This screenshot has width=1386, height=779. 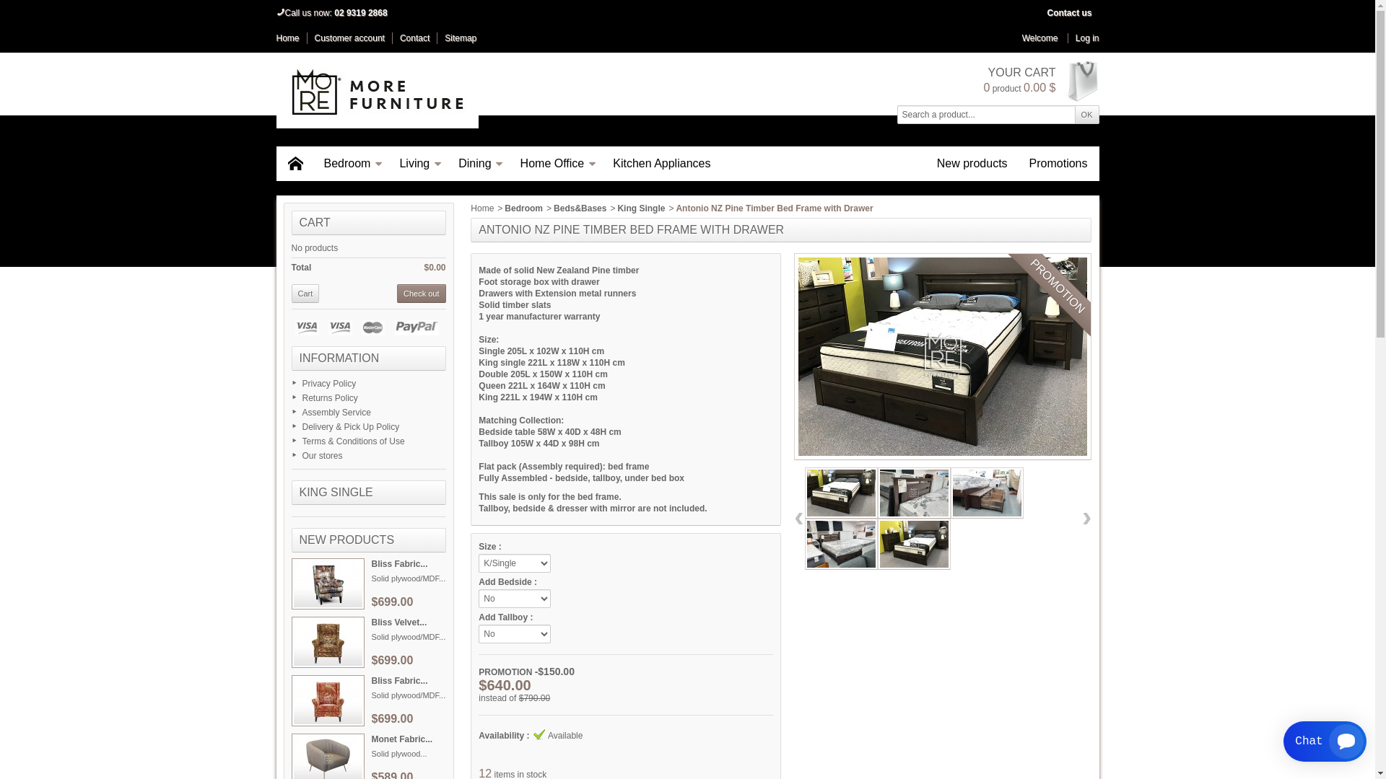 I want to click on 'New products', so click(x=925, y=163).